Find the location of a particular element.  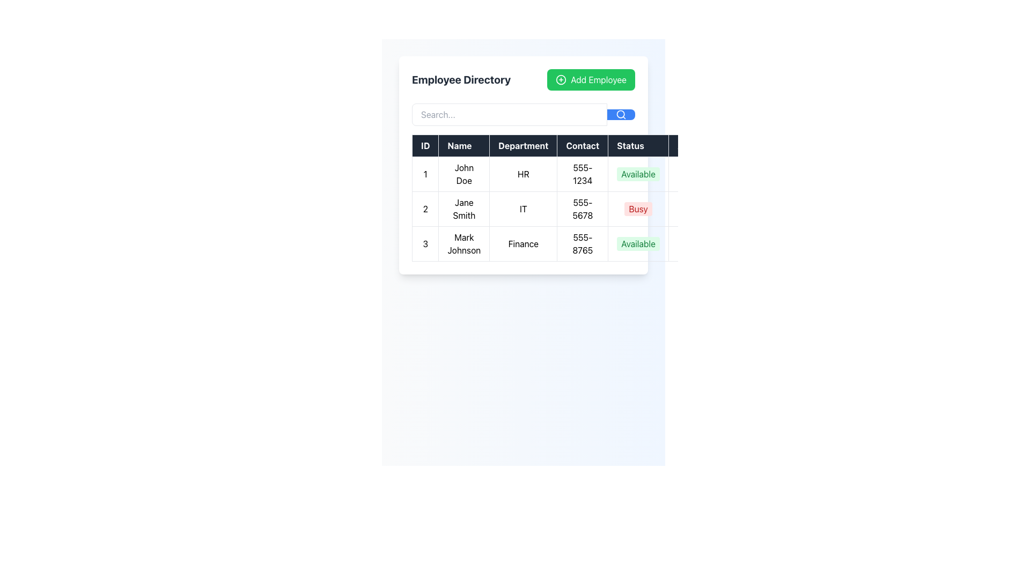

the circular add employee icon with a plus symbol located within the green button in the upper-right corner of the 'Employee Directory' card is located at coordinates (561, 79).